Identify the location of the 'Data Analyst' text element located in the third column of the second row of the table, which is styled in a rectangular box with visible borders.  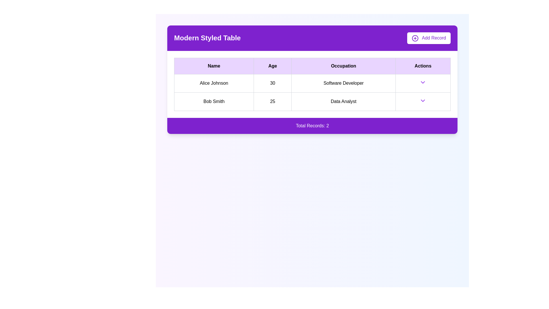
(343, 101).